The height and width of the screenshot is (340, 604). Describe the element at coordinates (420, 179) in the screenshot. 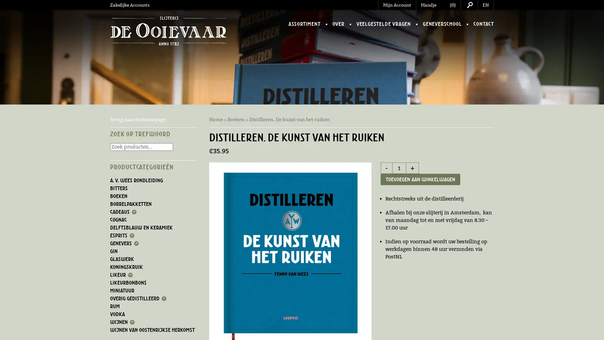

I see `Toevoegen aan winkelwagen` at that location.